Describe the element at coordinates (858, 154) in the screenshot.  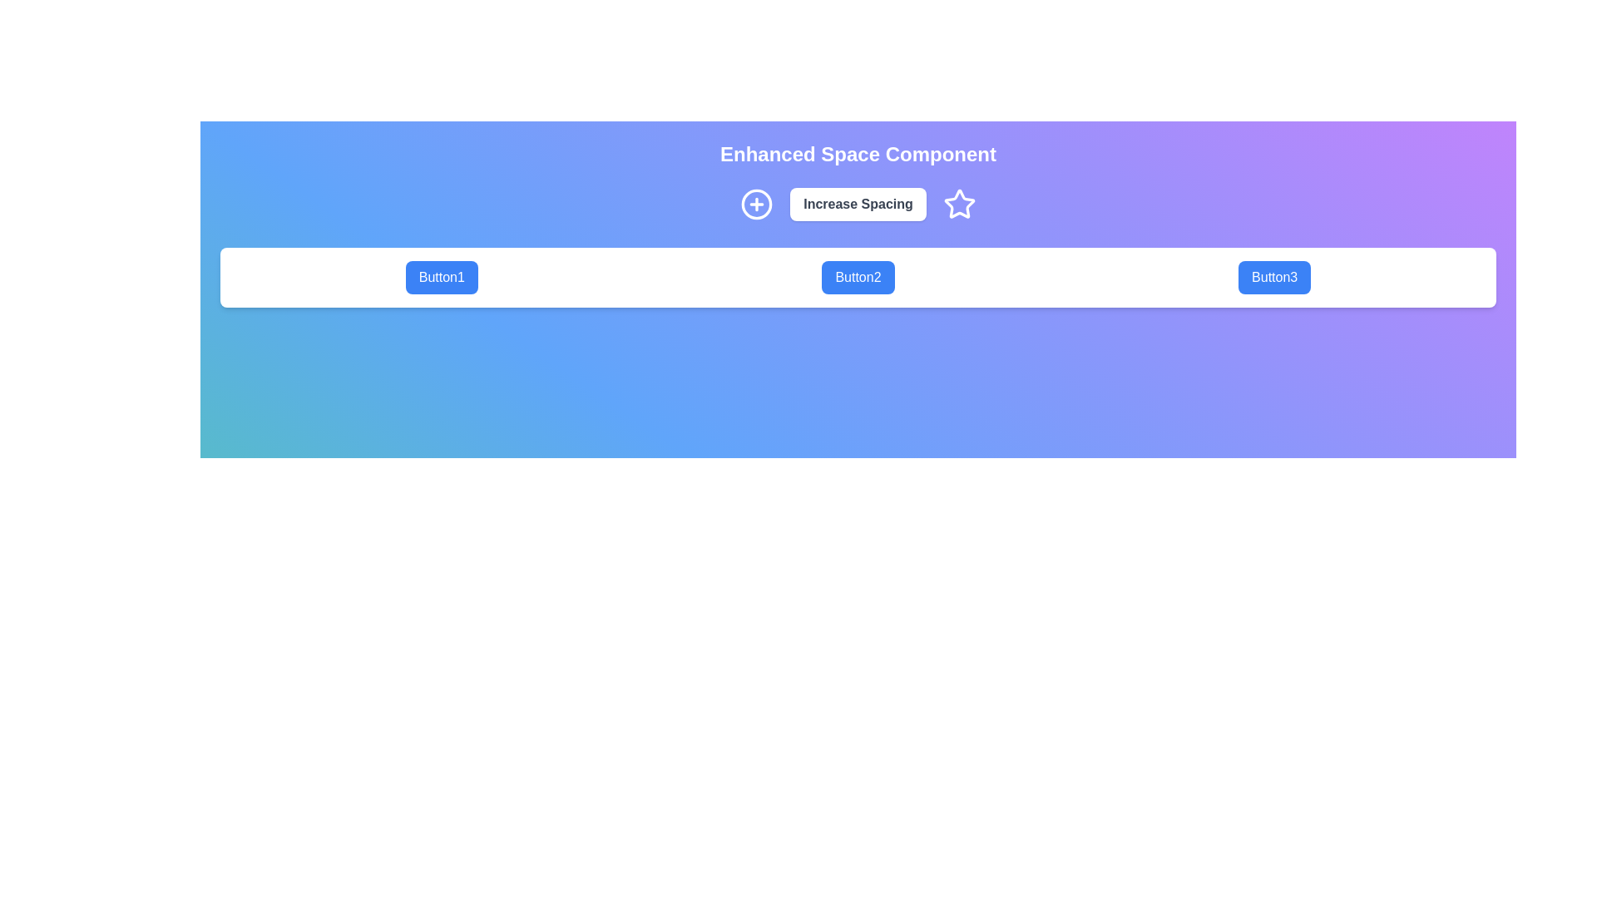
I see `the static text element that serves as a title or header for the section, located at the top of the content area above the interactive controls` at that location.